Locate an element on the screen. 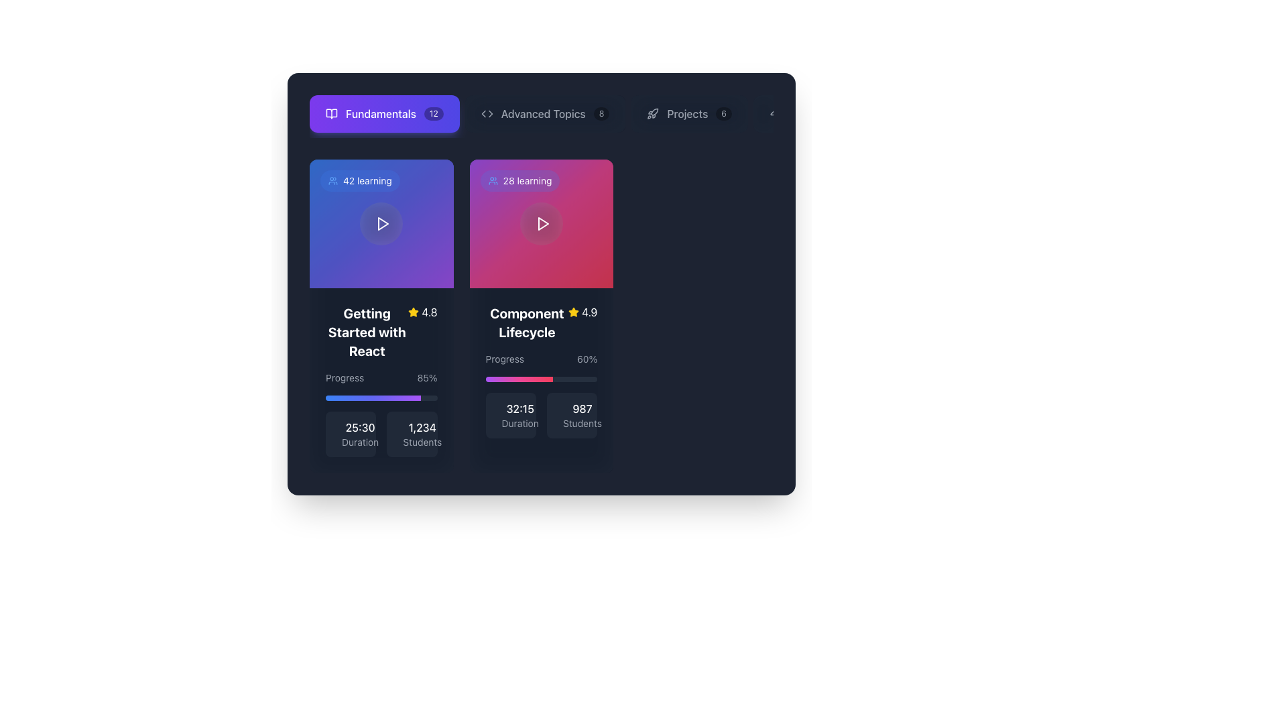  the title text element with an accompanying icon located in the second card from the left in the grid, positioned beneath the '28 learning' label is located at coordinates (541, 323).